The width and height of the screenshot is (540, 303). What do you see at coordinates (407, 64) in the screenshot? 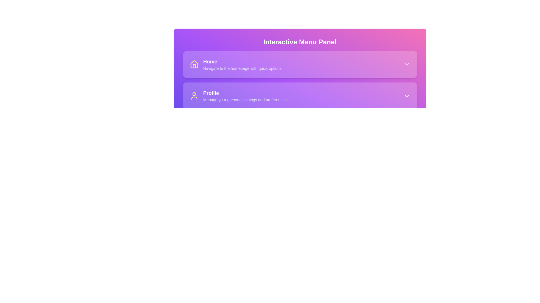
I see `the Dropdown indicator icon, which is a small downward-facing chevron styled as a white arrow located at the top-right corner of the 'Home' button's area` at bounding box center [407, 64].